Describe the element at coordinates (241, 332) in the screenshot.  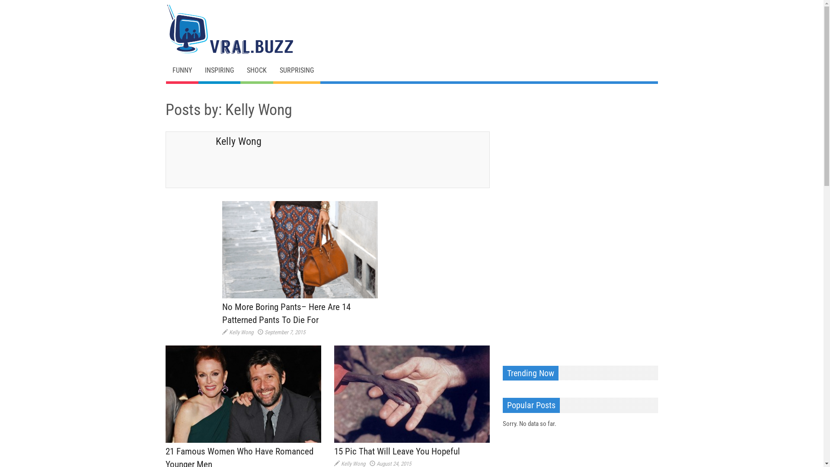
I see `'Kelly Wong'` at that location.